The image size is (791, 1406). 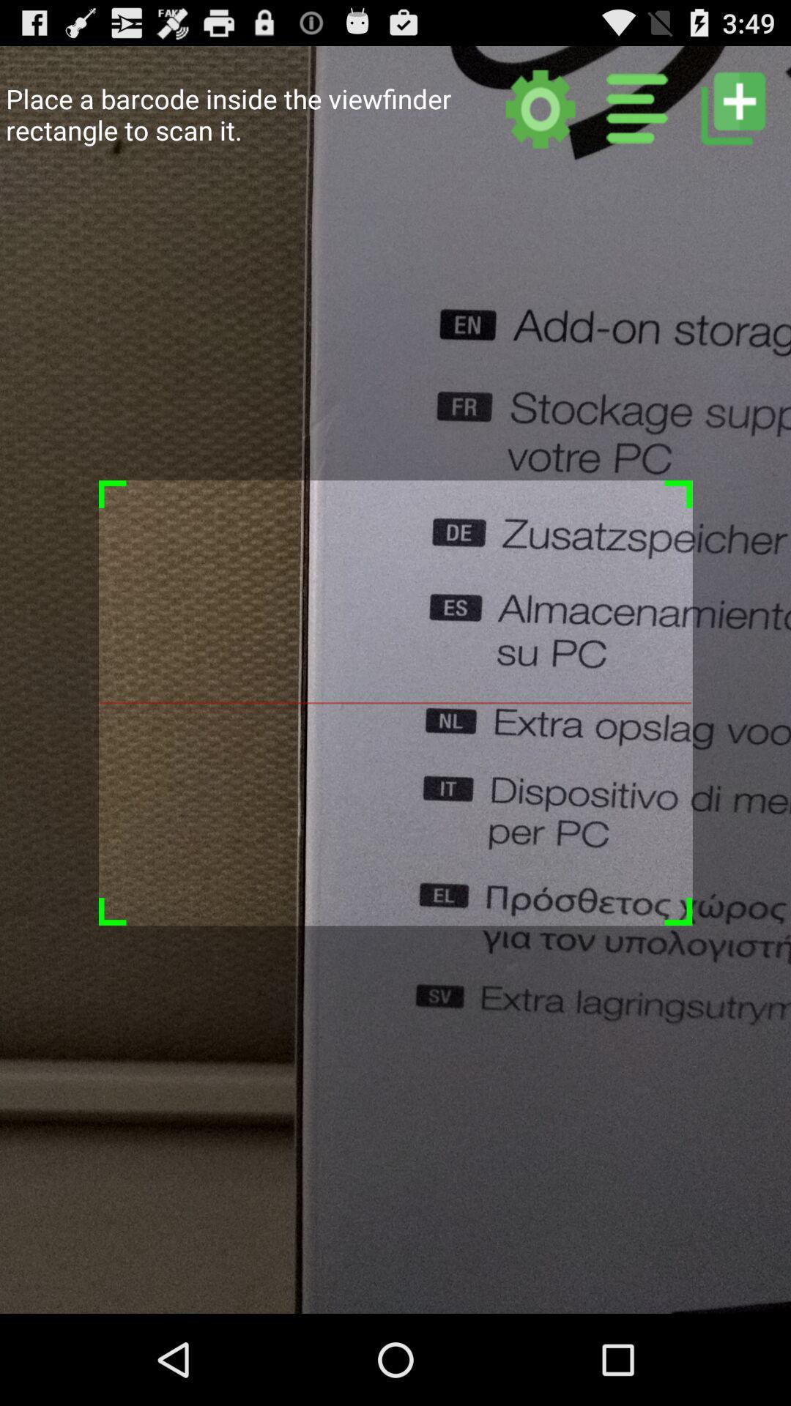 What do you see at coordinates (733, 108) in the screenshot?
I see `new` at bounding box center [733, 108].